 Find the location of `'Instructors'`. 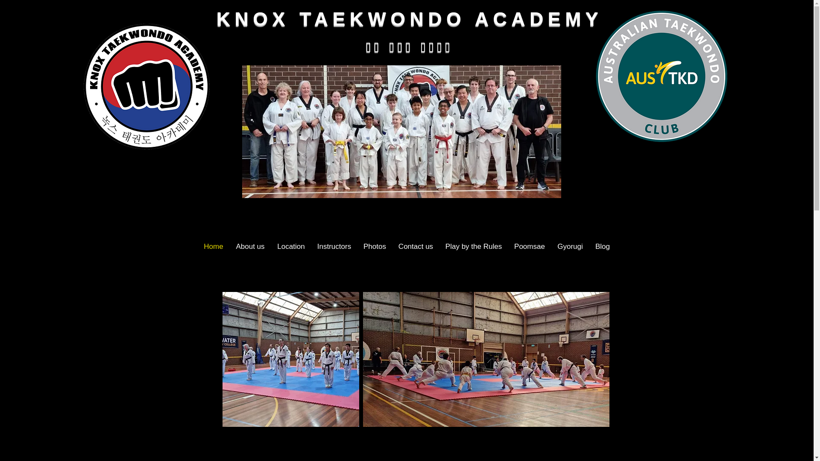

'Instructors' is located at coordinates (334, 247).